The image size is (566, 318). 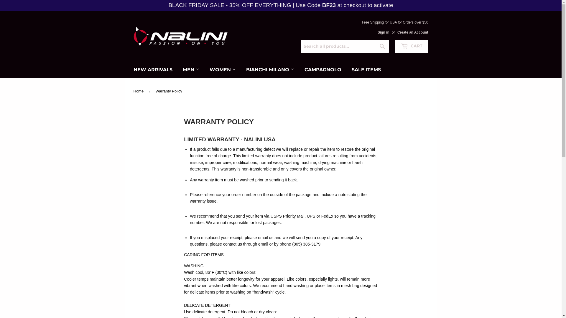 What do you see at coordinates (323, 69) in the screenshot?
I see `'CAMPAGNOLO'` at bounding box center [323, 69].